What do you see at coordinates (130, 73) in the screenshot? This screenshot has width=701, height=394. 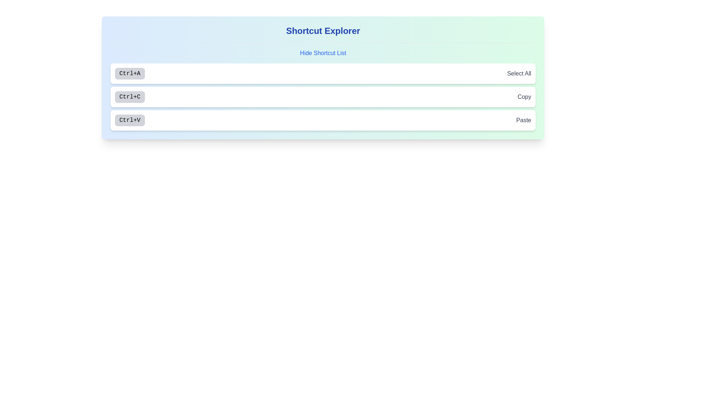 I see `the rectangular button labeled 'Ctrl+A' with rounded corners and a gray background, which is the first item in a horizontal grouping of components` at bounding box center [130, 73].